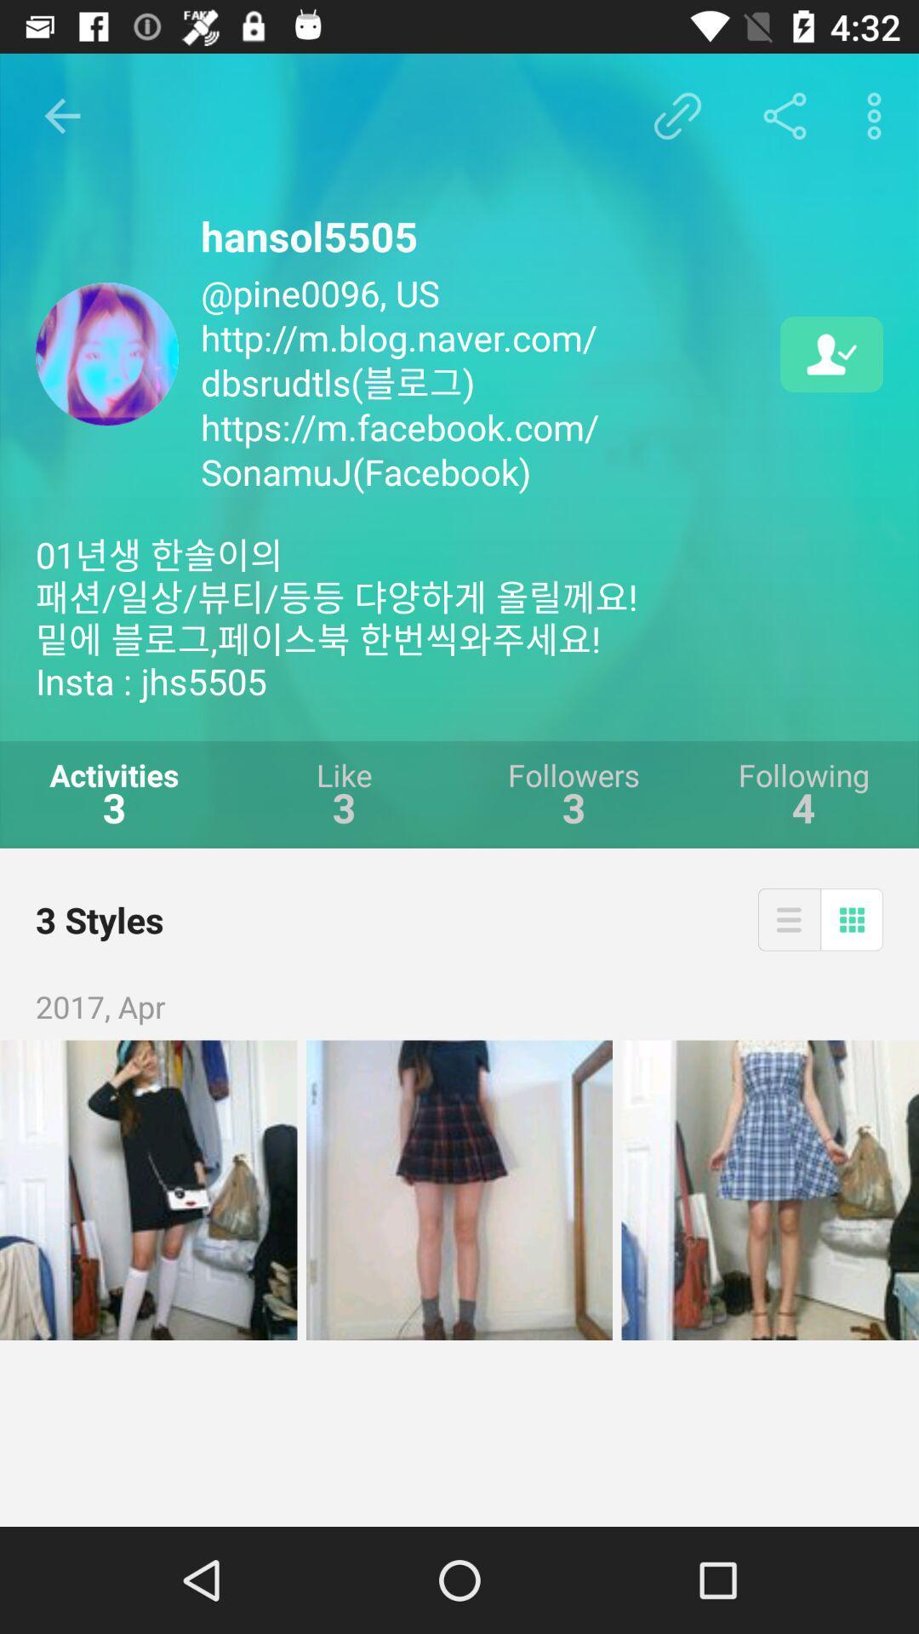  What do you see at coordinates (789, 918) in the screenshot?
I see `the icon above the 2017, apr` at bounding box center [789, 918].